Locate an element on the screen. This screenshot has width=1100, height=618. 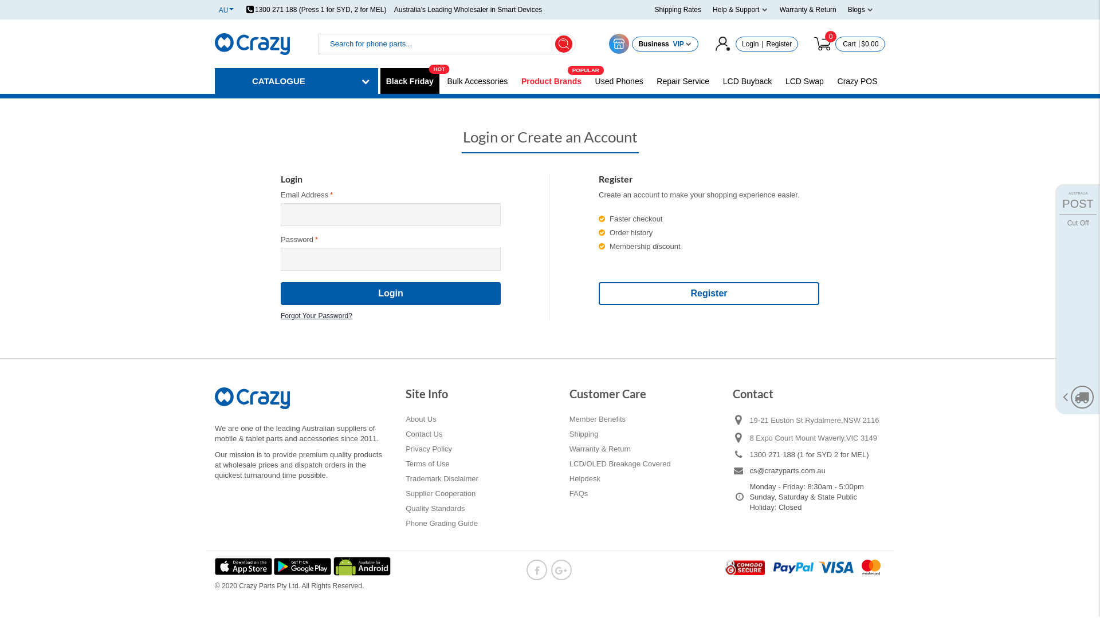
'CATALOGUE' is located at coordinates (296, 80).